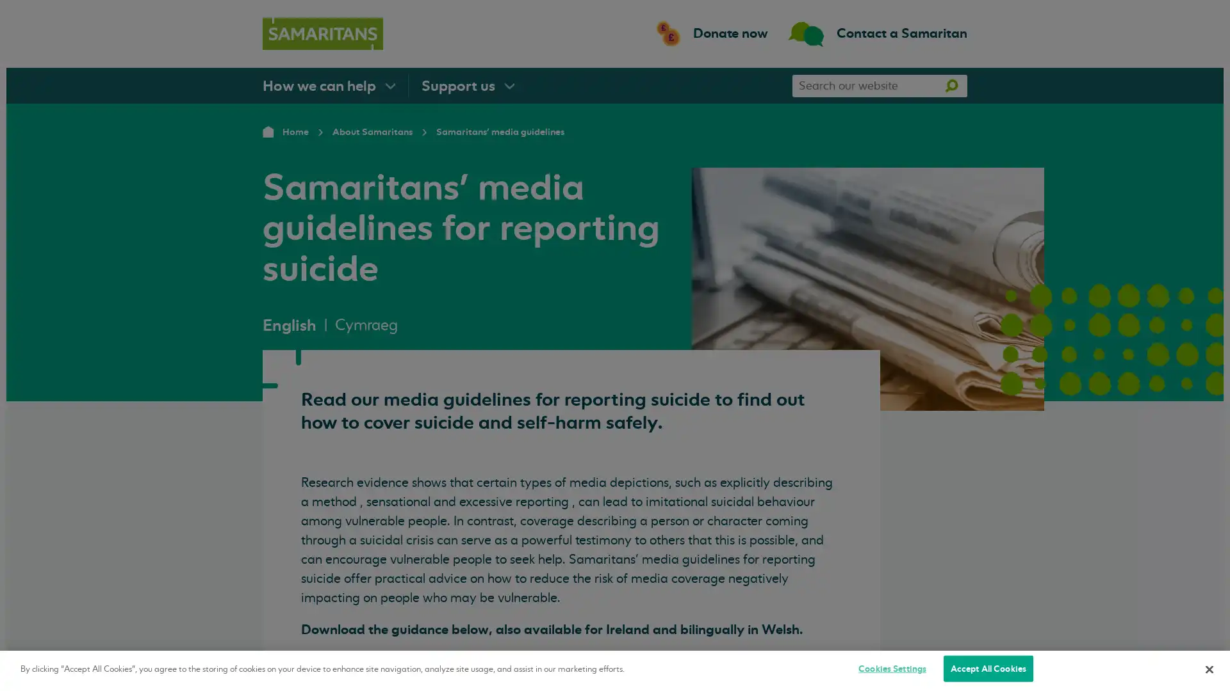 This screenshot has height=691, width=1230. What do you see at coordinates (987, 668) in the screenshot?
I see `Accept All Cookies` at bounding box center [987, 668].